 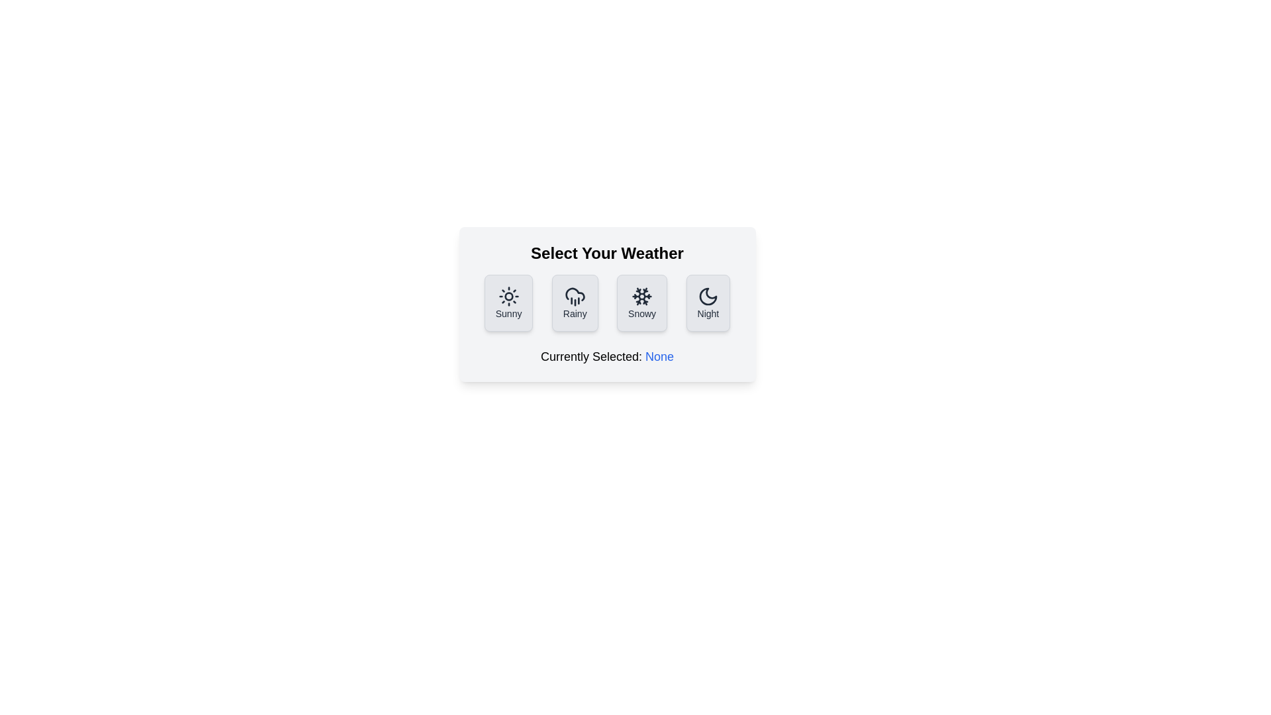 What do you see at coordinates (606, 303) in the screenshot?
I see `keyboard navigation` at bounding box center [606, 303].